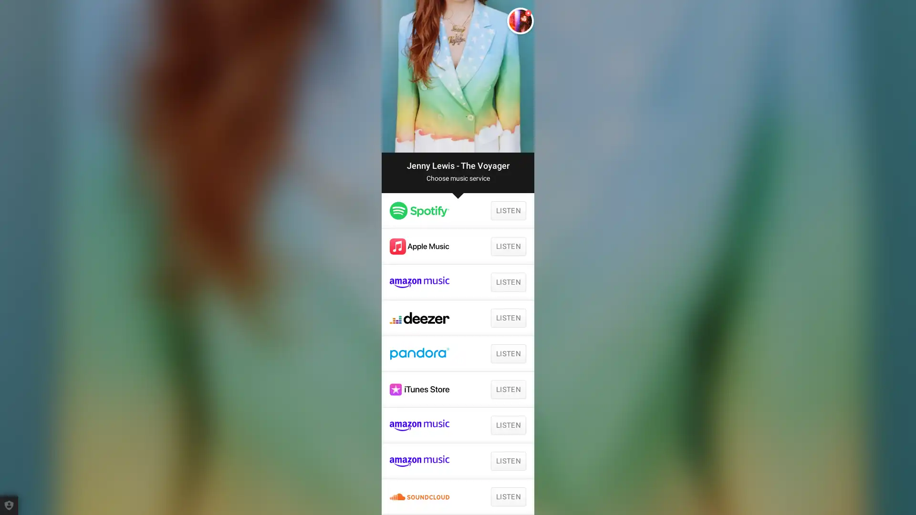 This screenshot has width=916, height=515. What do you see at coordinates (508, 461) in the screenshot?
I see `LISTEN` at bounding box center [508, 461].